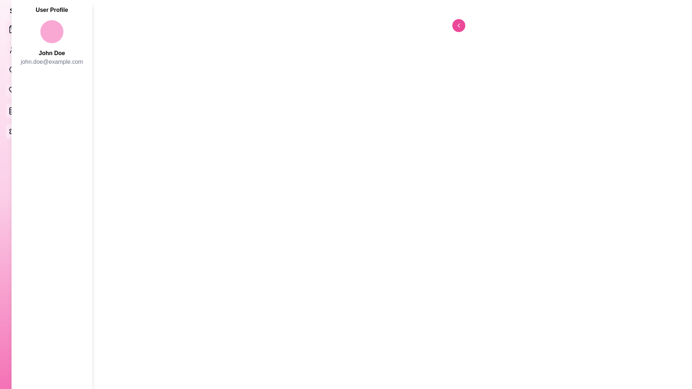 This screenshot has height=389, width=692. Describe the element at coordinates (458, 25) in the screenshot. I see `the circular pink button with a left chevron icon` at that location.